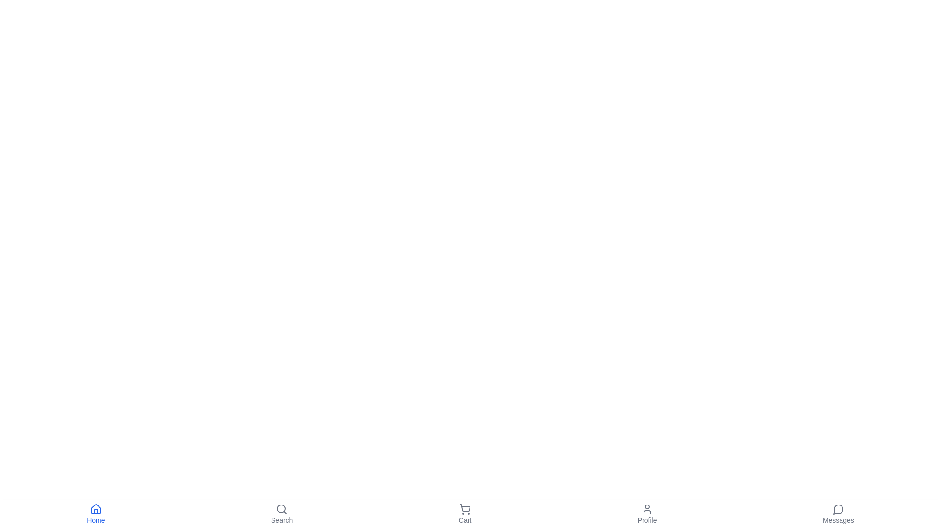  Describe the element at coordinates (838, 513) in the screenshot. I see `the 'Messages' button to navigate to the Messages section` at that location.